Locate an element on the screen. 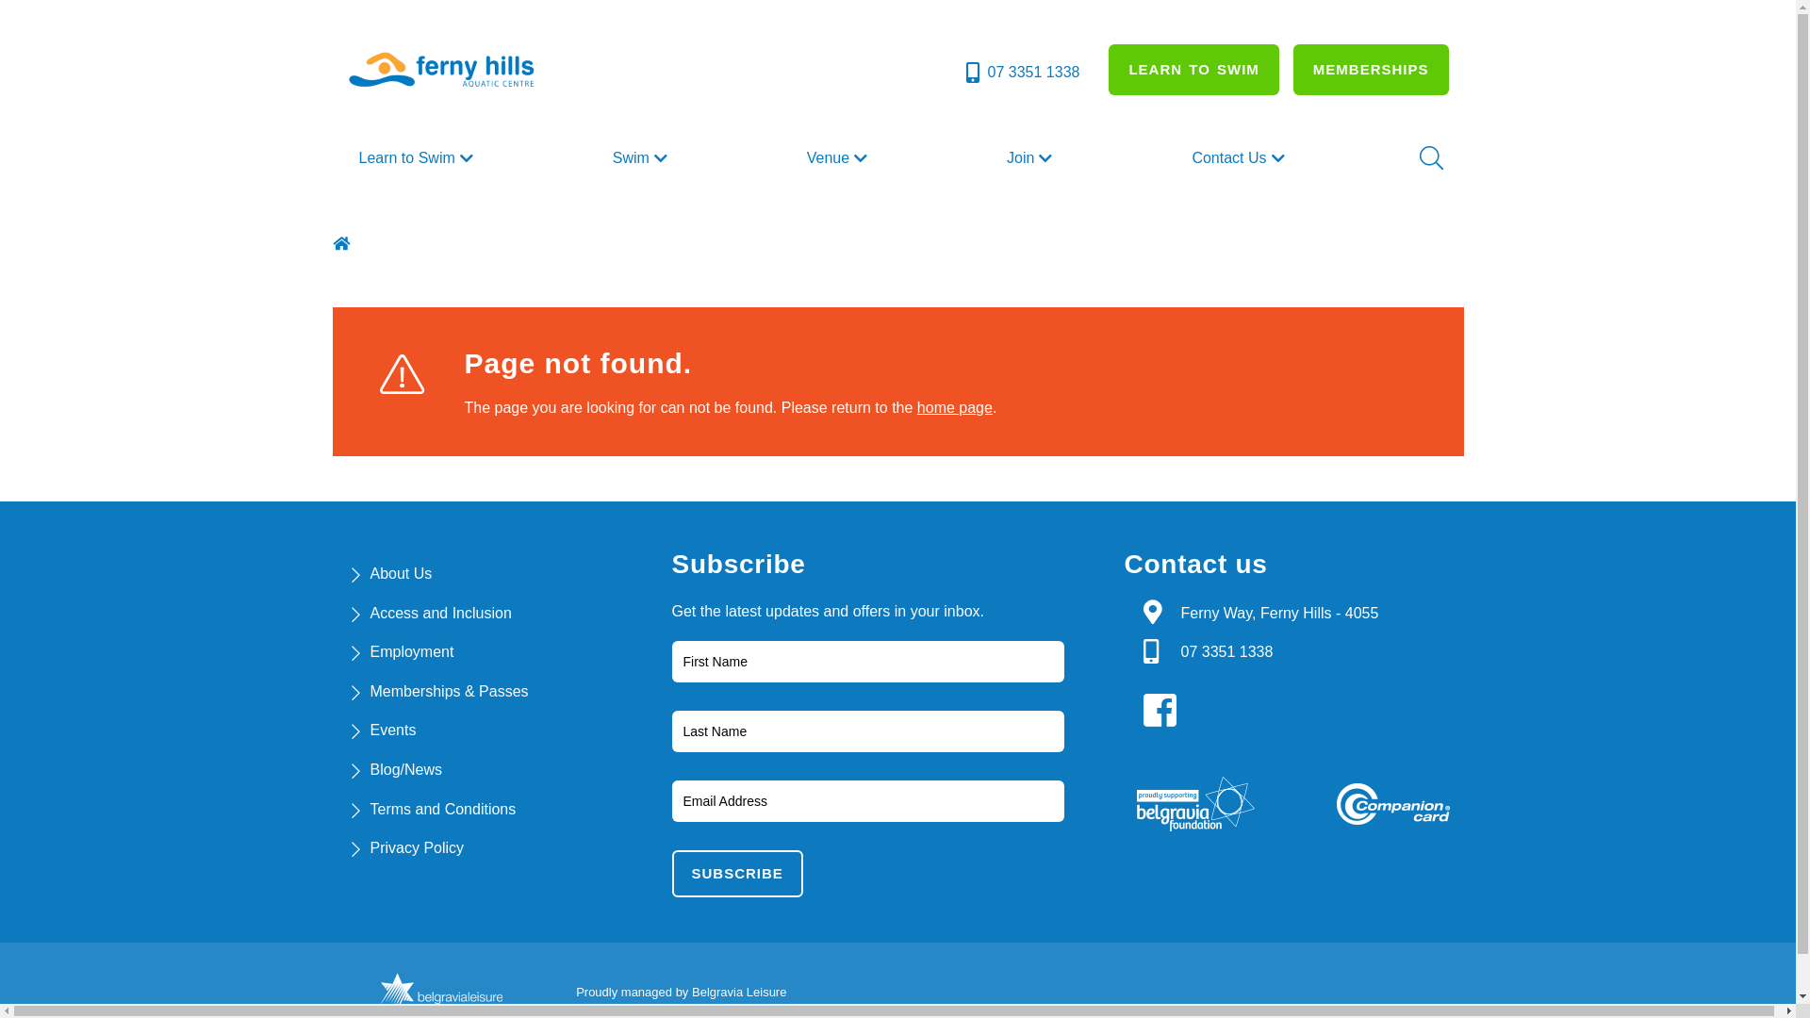 The height and width of the screenshot is (1018, 1810). 'LEARN TO SWIM' is located at coordinates (1193, 68).